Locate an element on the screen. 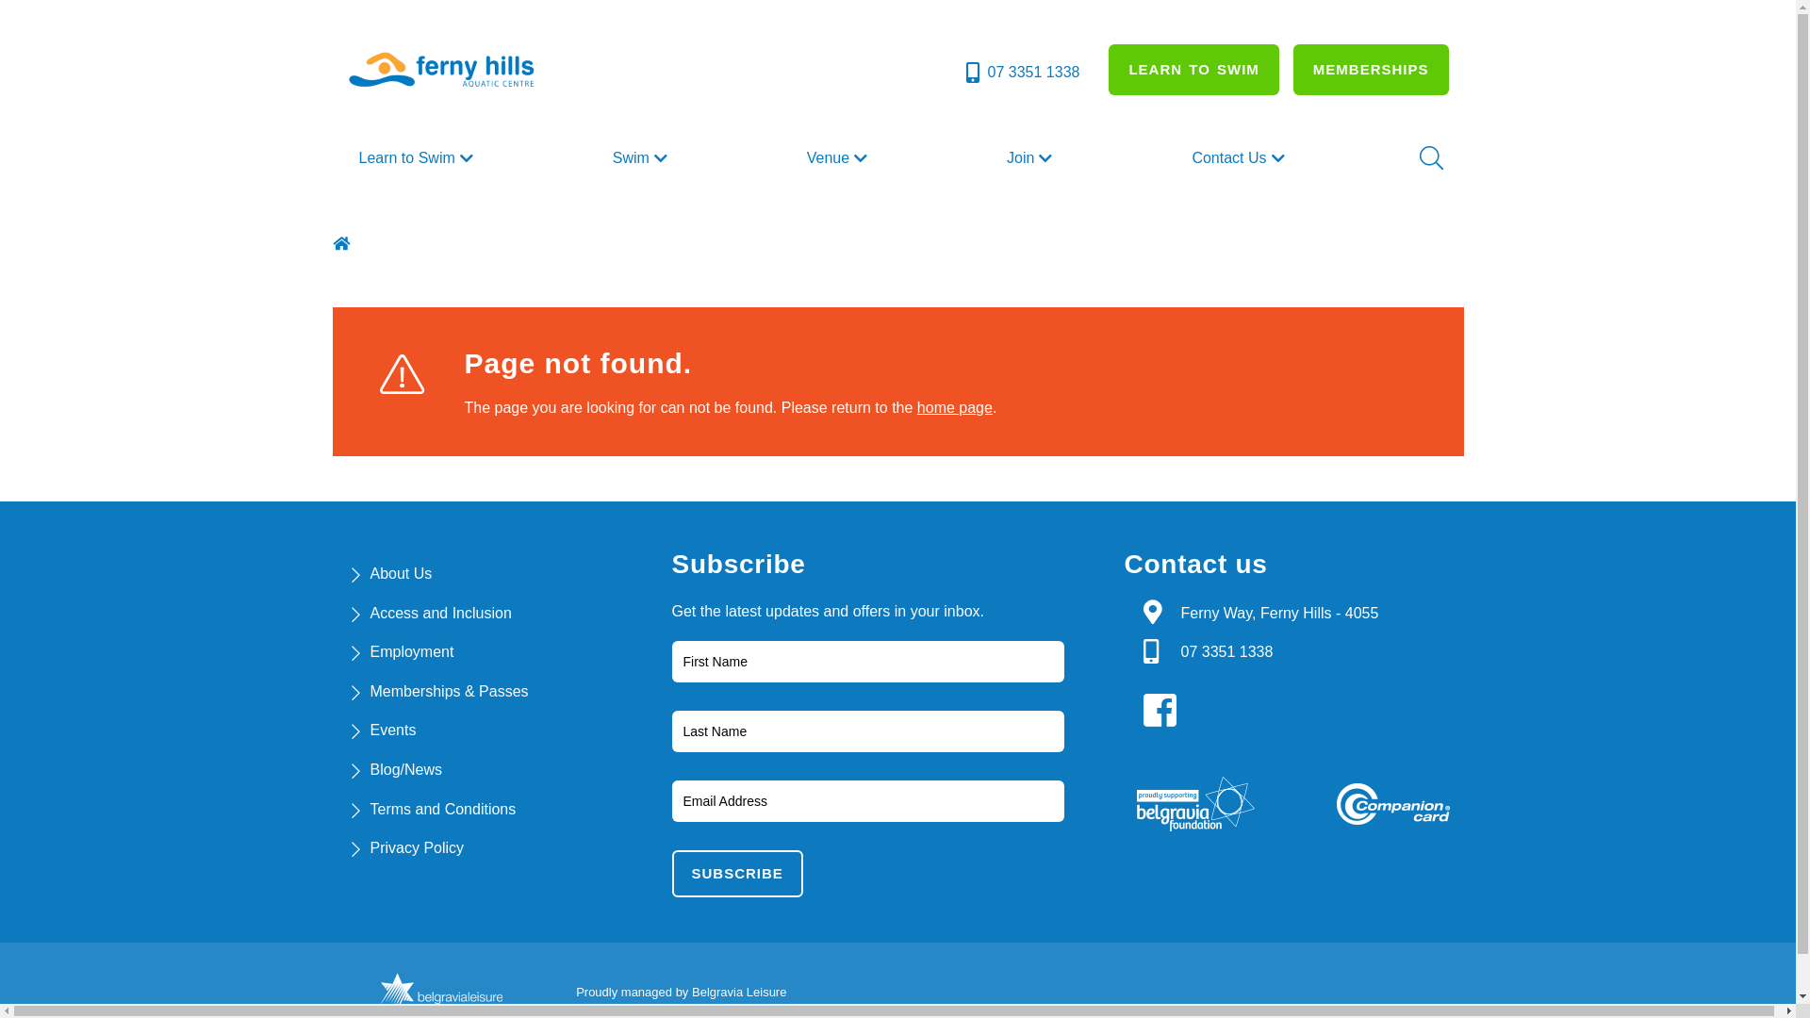 The height and width of the screenshot is (1018, 1810). 'LEARN TO SWIM' is located at coordinates (1193, 68).